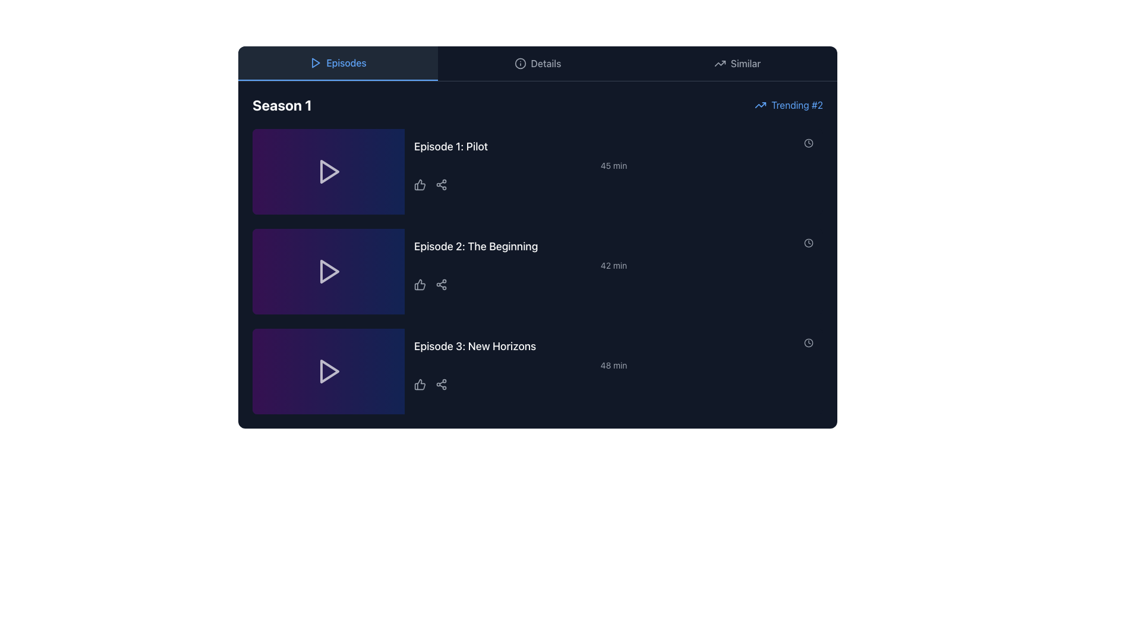 This screenshot has height=642, width=1141. I want to click on the share icon, which is styled with three linked circles connected by lines, located below the episode title and next to the like icon, so click(441, 185).